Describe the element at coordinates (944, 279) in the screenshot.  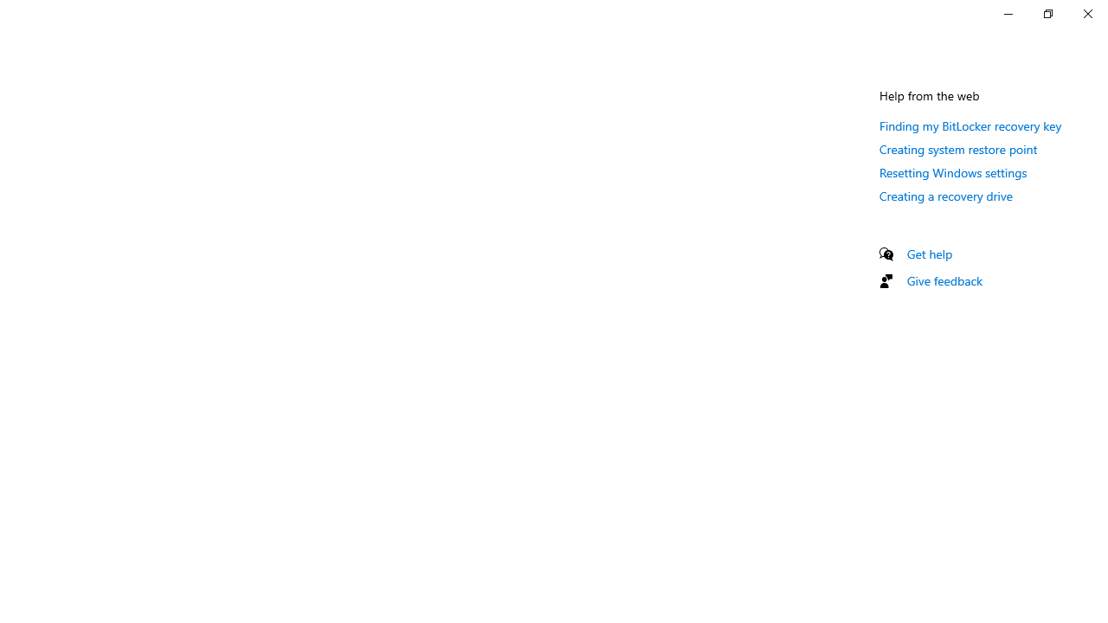
I see `'Give feedback'` at that location.